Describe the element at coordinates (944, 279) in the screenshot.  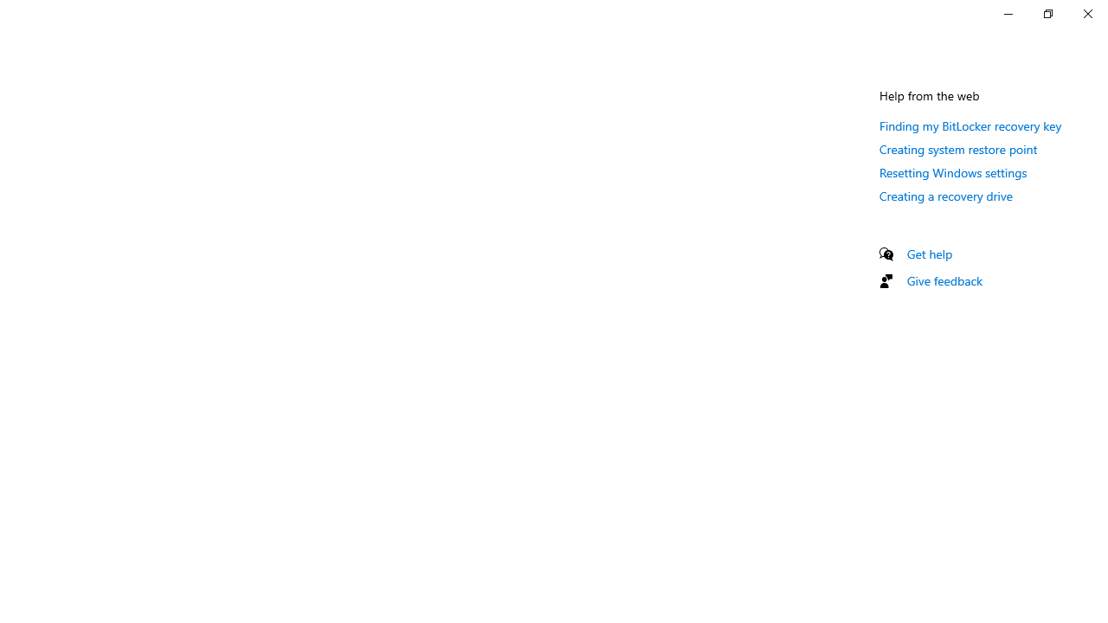
I see `'Give feedback'` at that location.